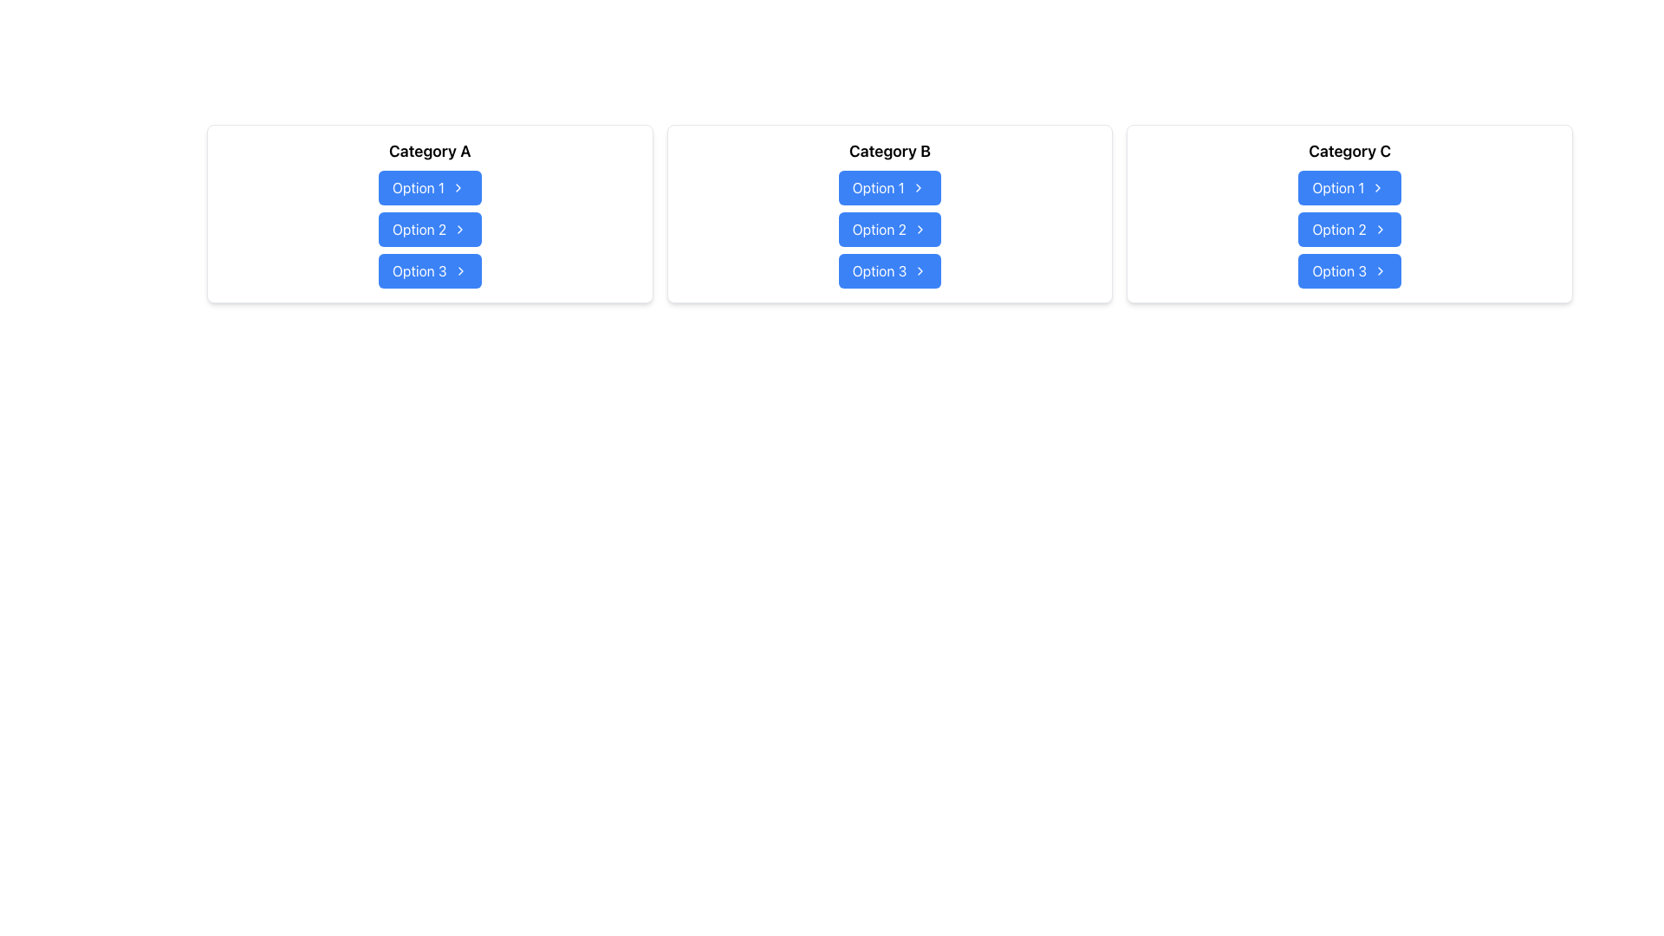 The image size is (1664, 936). What do you see at coordinates (460, 270) in the screenshot?
I see `the Chevron icon located to the right of the 'Option 3' button in the 'Category A' panel` at bounding box center [460, 270].